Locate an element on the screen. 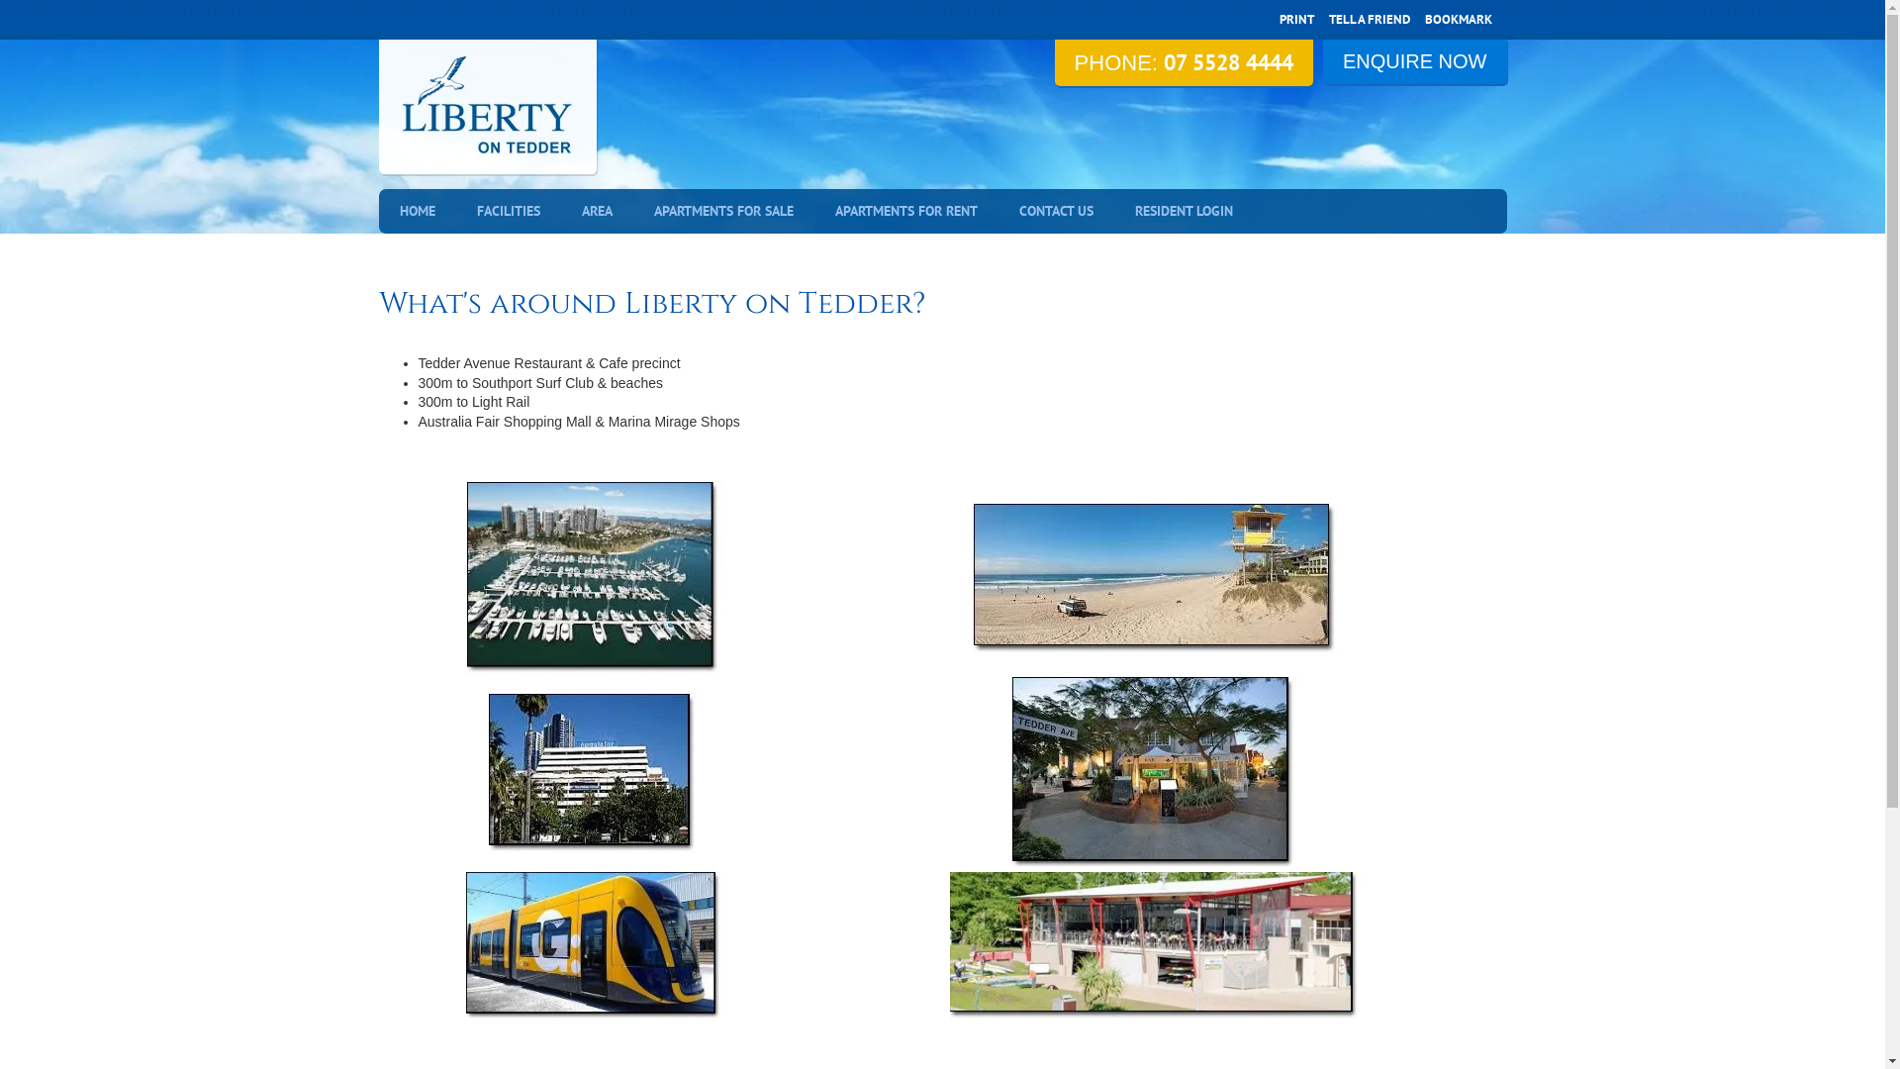 The image size is (1900, 1069). 'TELL A FRIEND' is located at coordinates (1367, 19).